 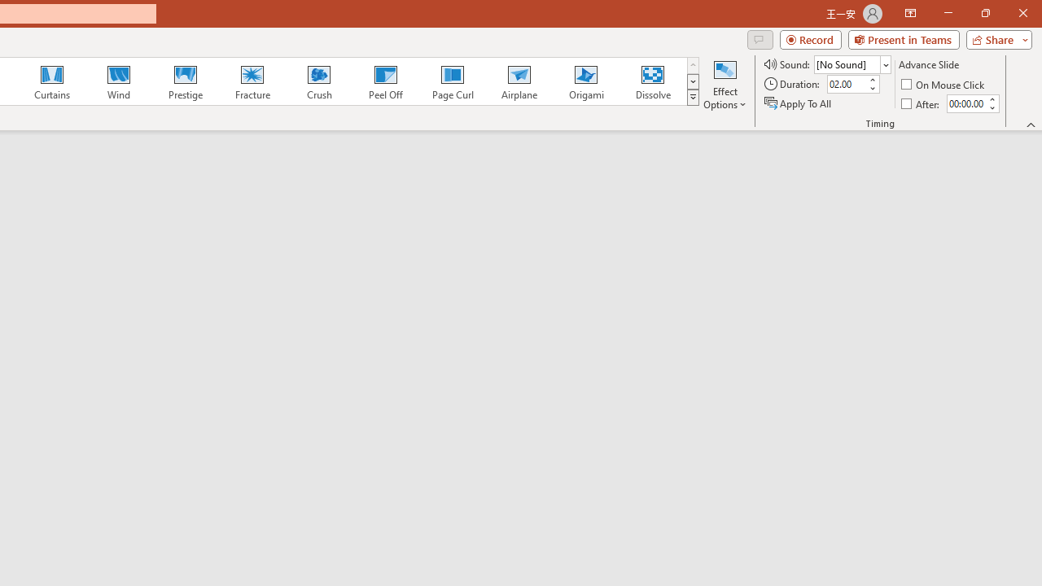 What do you see at coordinates (653, 81) in the screenshot?
I see `'Dissolve'` at bounding box center [653, 81].